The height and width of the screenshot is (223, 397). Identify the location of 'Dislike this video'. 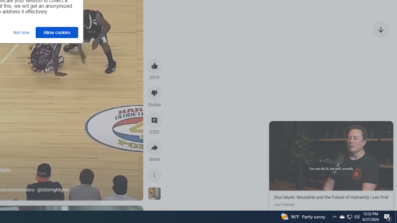
(154, 93).